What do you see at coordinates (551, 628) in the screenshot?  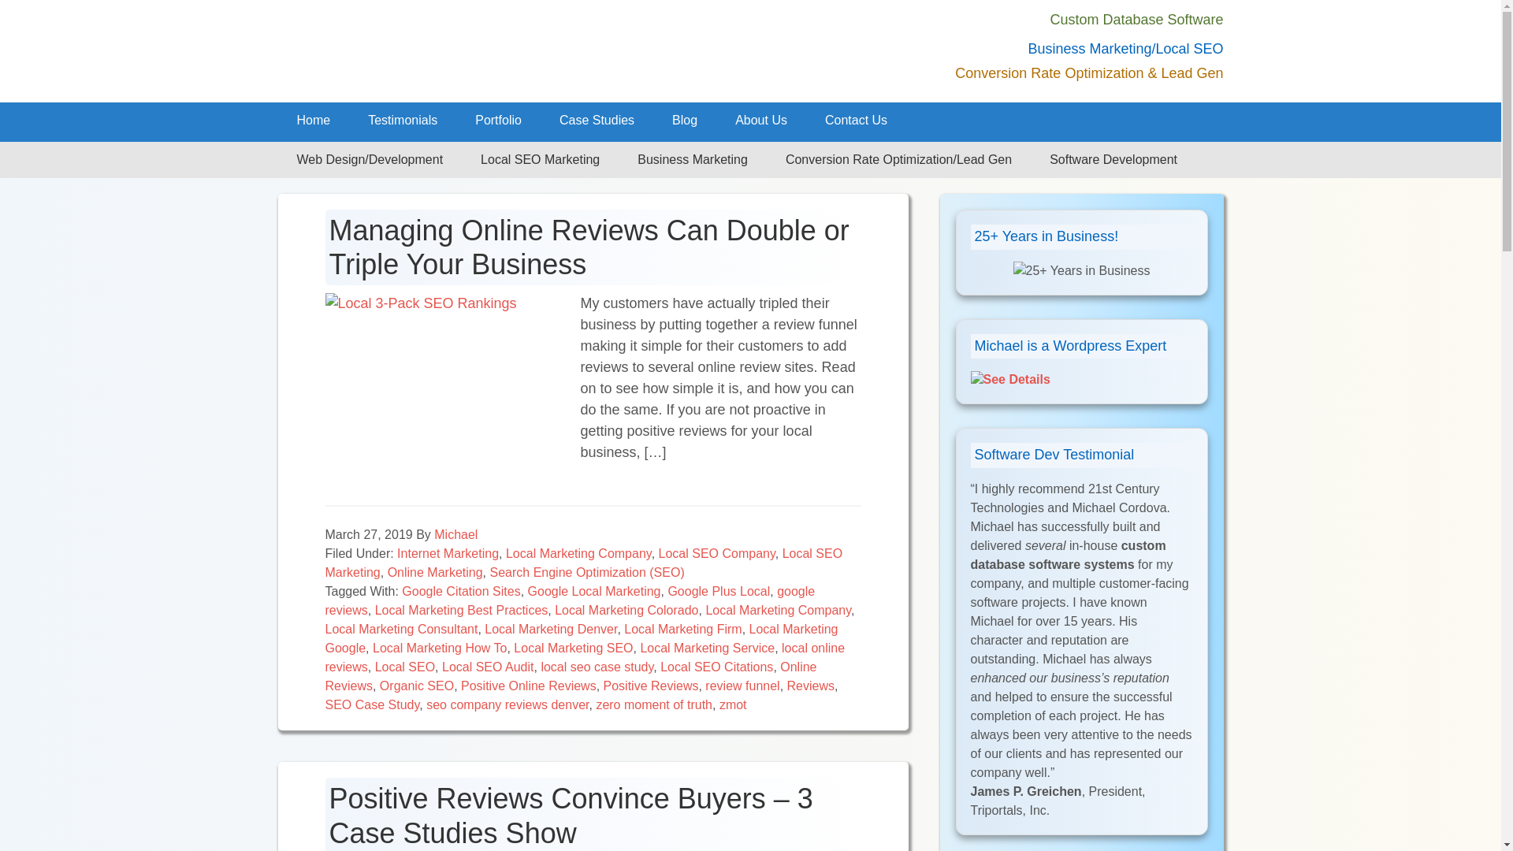 I see `'Local Marketing Denver'` at bounding box center [551, 628].